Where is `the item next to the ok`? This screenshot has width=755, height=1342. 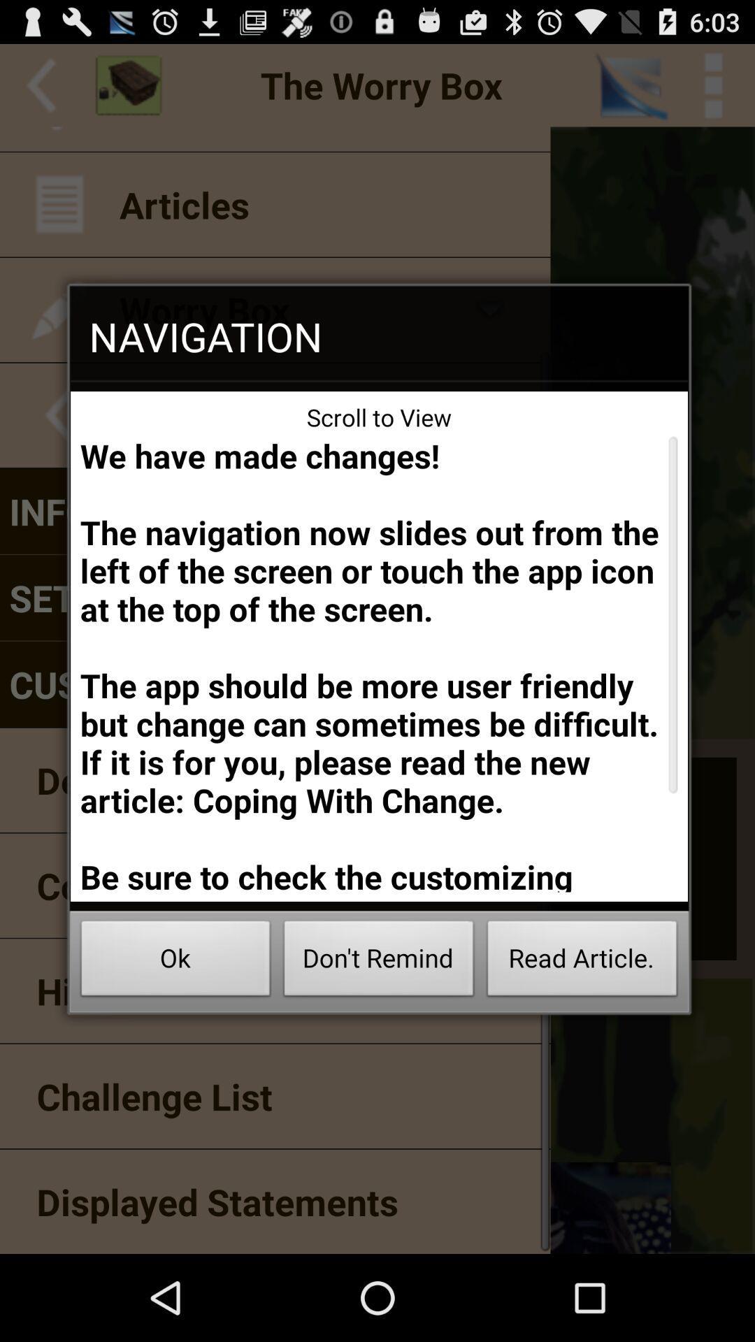 the item next to the ok is located at coordinates (379, 962).